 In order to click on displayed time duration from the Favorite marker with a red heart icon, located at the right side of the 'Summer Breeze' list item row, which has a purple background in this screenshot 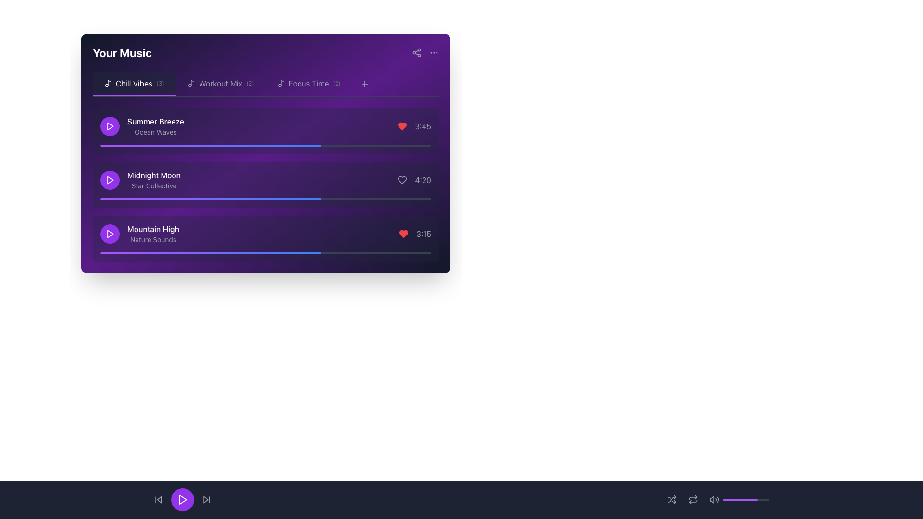, I will do `click(414, 125)`.